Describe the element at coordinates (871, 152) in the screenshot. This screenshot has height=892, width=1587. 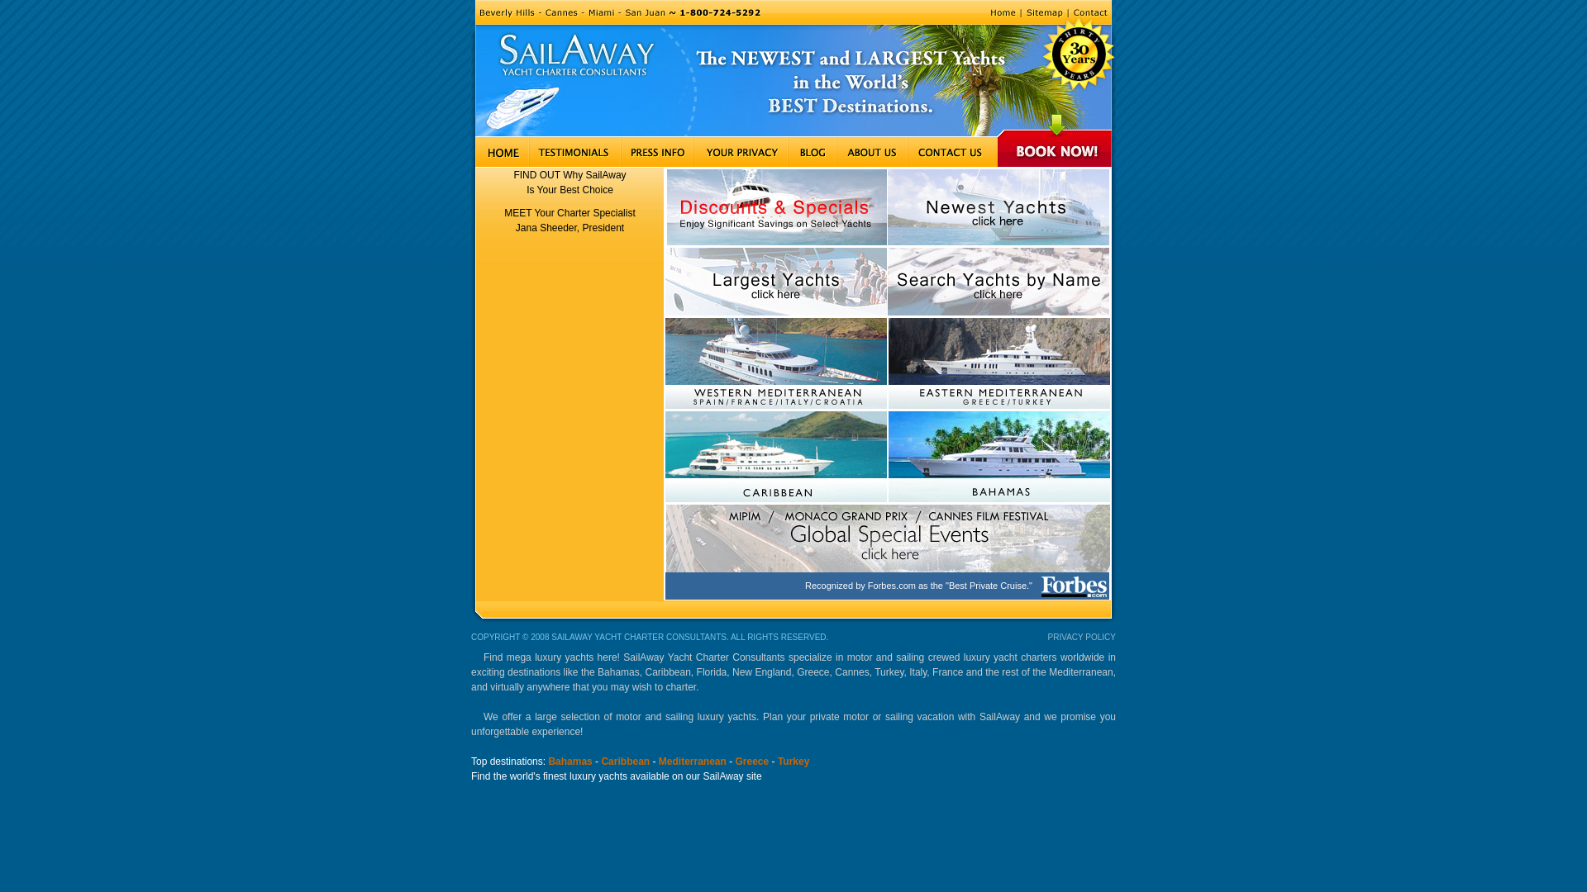
I see `'About Us'` at that location.